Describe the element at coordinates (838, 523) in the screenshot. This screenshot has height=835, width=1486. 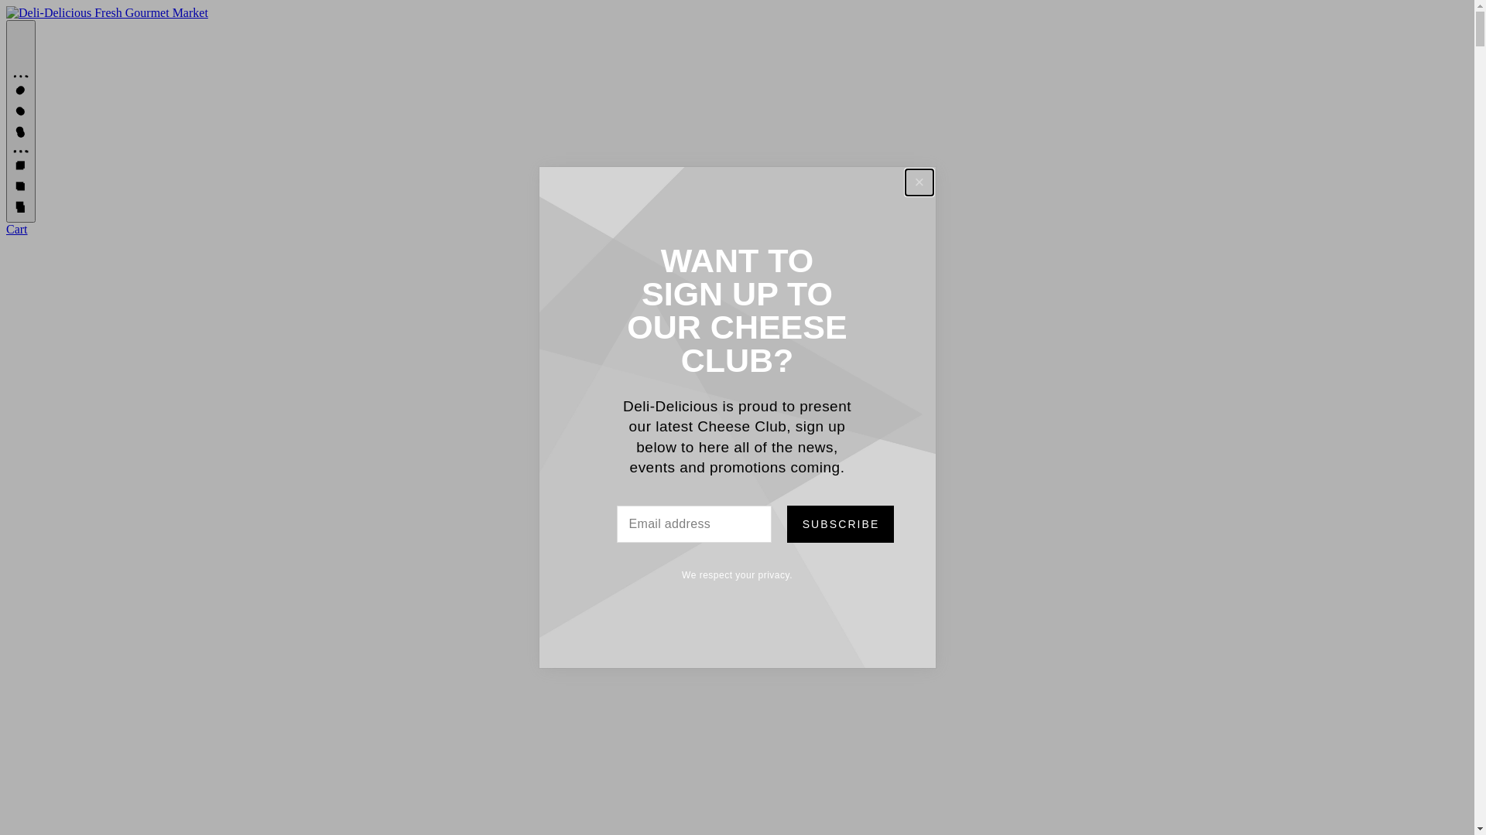
I see `'SUBSCRIBE'` at that location.